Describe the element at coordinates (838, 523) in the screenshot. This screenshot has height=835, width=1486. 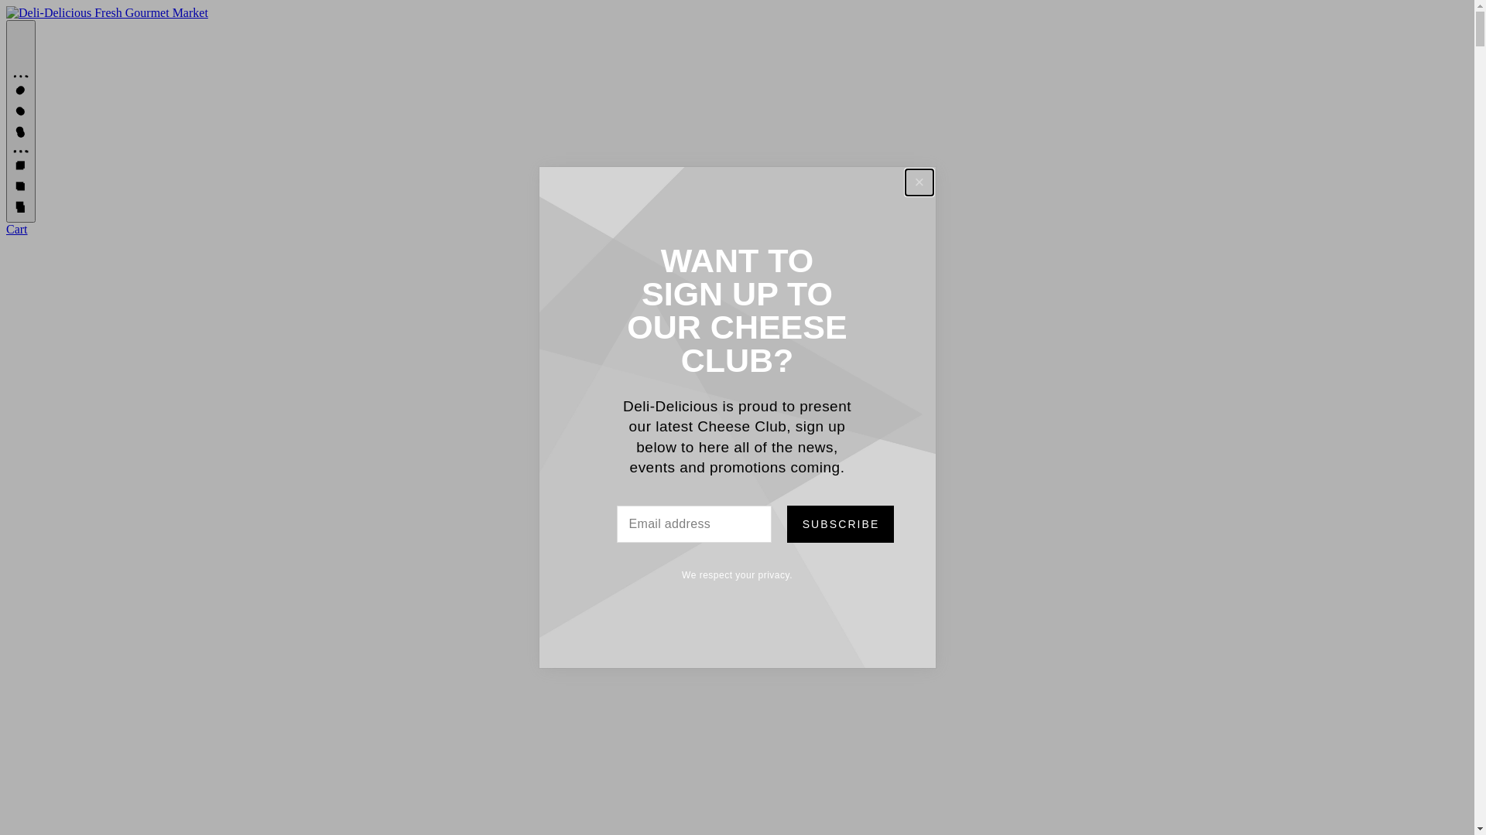
I see `'SUBSCRIBE'` at that location.